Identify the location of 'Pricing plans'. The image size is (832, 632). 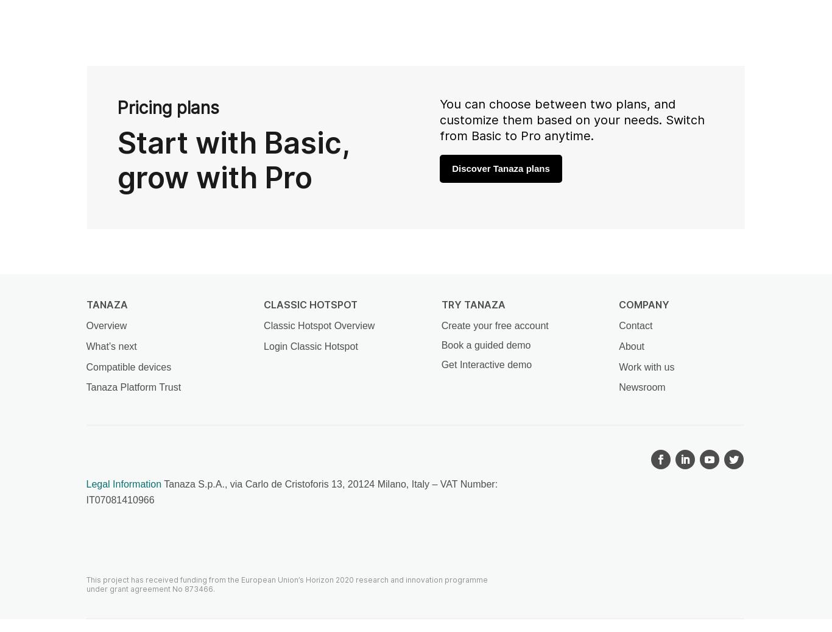
(117, 106).